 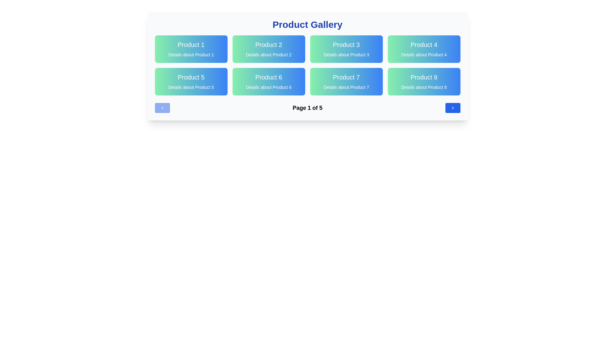 I want to click on the text label that contains 'Details about Product 3' which is styled with a smaller font size and is located beneath the title 'Product 3' in the product card gallery, so click(x=346, y=54).